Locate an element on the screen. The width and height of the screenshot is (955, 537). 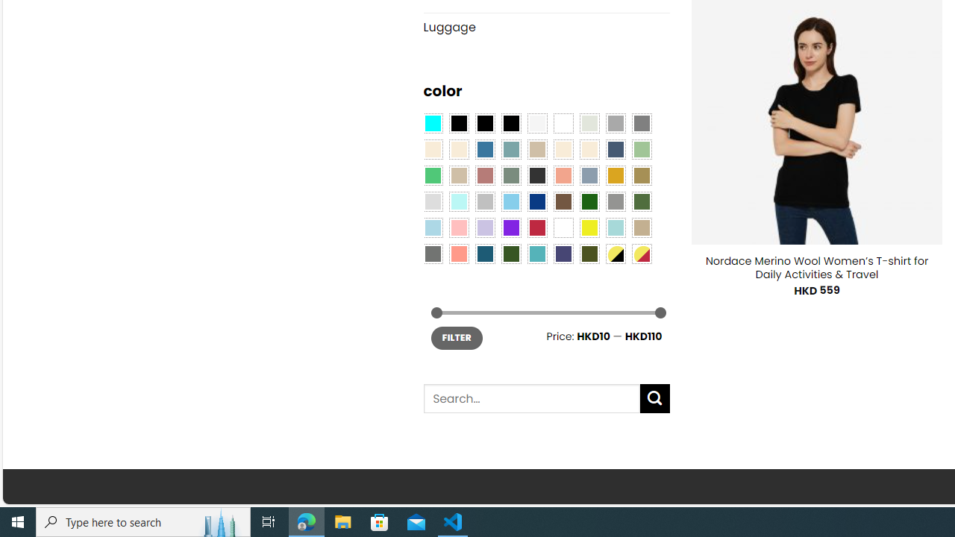
'Submit' is located at coordinates (655, 397).